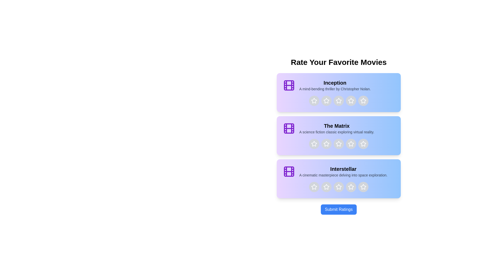 The image size is (492, 277). What do you see at coordinates (326, 101) in the screenshot?
I see `the star corresponding to 2 stars for the movie titled Inception` at bounding box center [326, 101].